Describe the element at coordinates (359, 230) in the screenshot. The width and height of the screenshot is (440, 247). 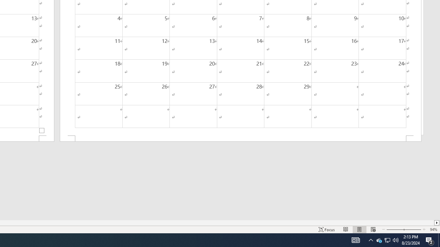
I see `'Print Layout'` at that location.